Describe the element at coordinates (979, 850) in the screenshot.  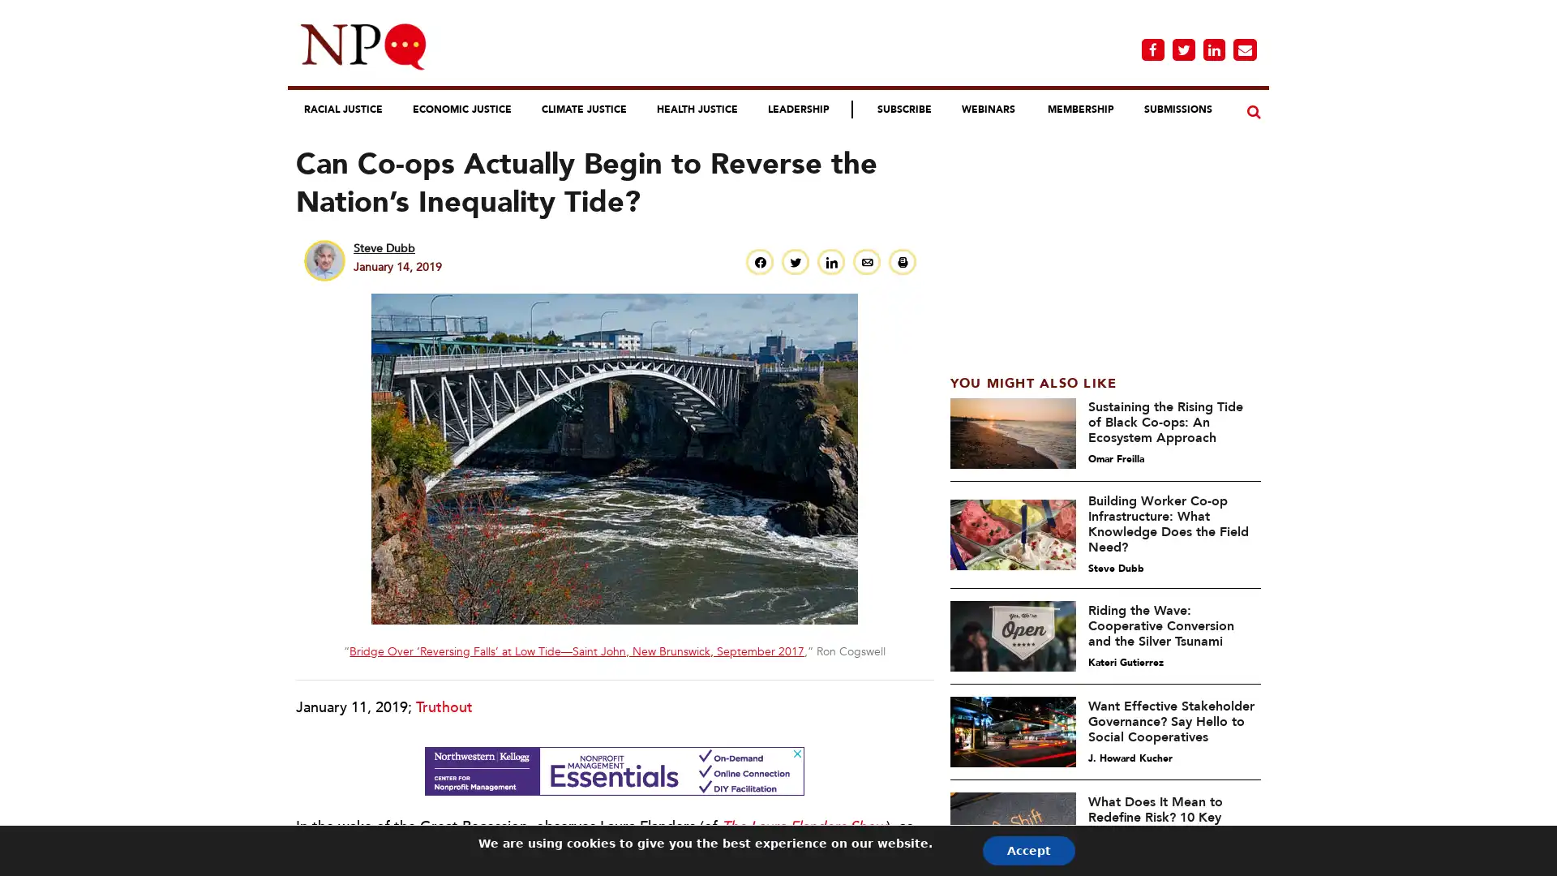
I see `Accept` at that location.